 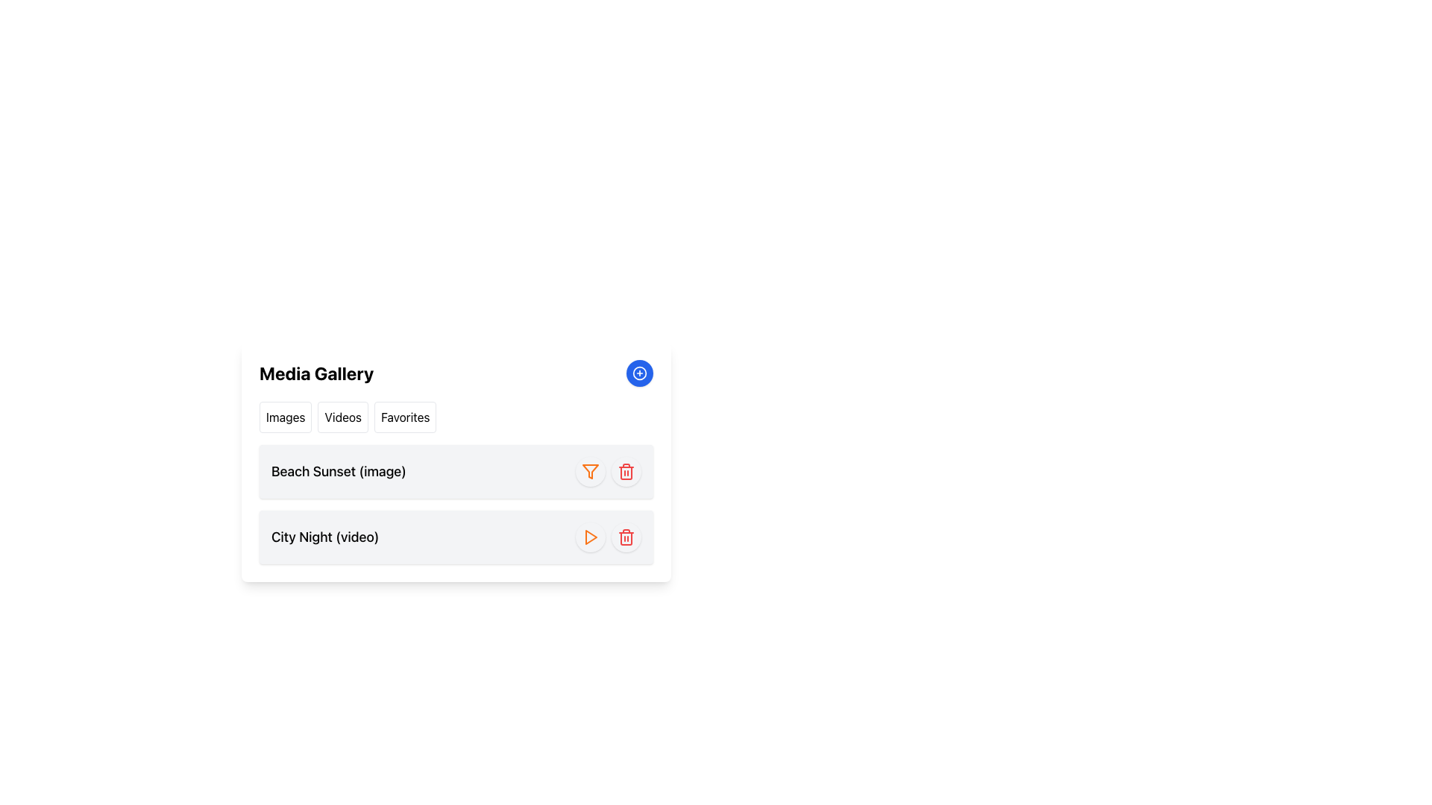 What do you see at coordinates (286, 417) in the screenshot?
I see `the 'Images' button, which is the first button` at bounding box center [286, 417].